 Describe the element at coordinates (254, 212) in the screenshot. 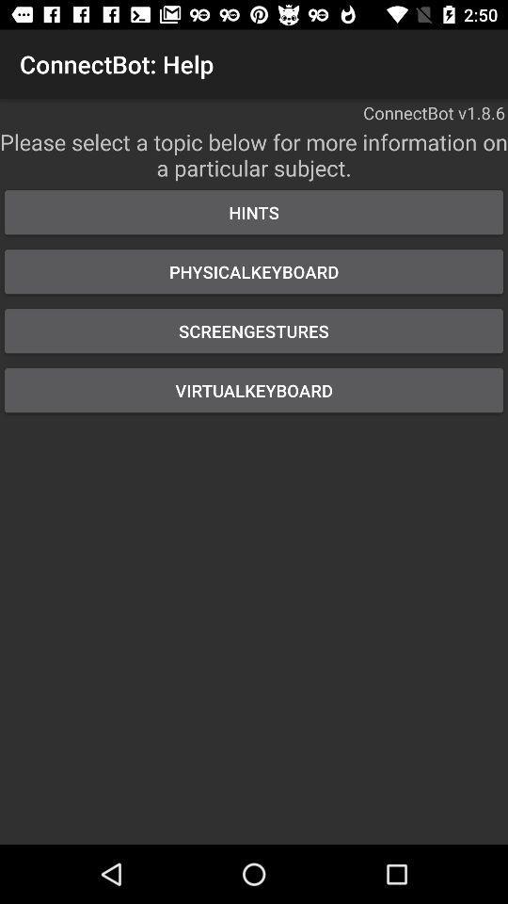

I see `the item above the physicalkeyboard button` at that location.